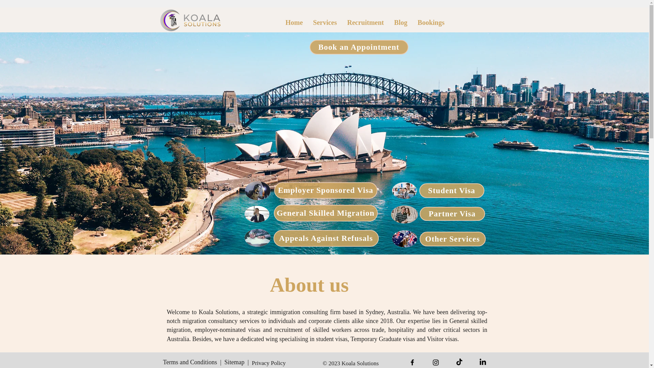  I want to click on 'Book an Appointment', so click(358, 47).